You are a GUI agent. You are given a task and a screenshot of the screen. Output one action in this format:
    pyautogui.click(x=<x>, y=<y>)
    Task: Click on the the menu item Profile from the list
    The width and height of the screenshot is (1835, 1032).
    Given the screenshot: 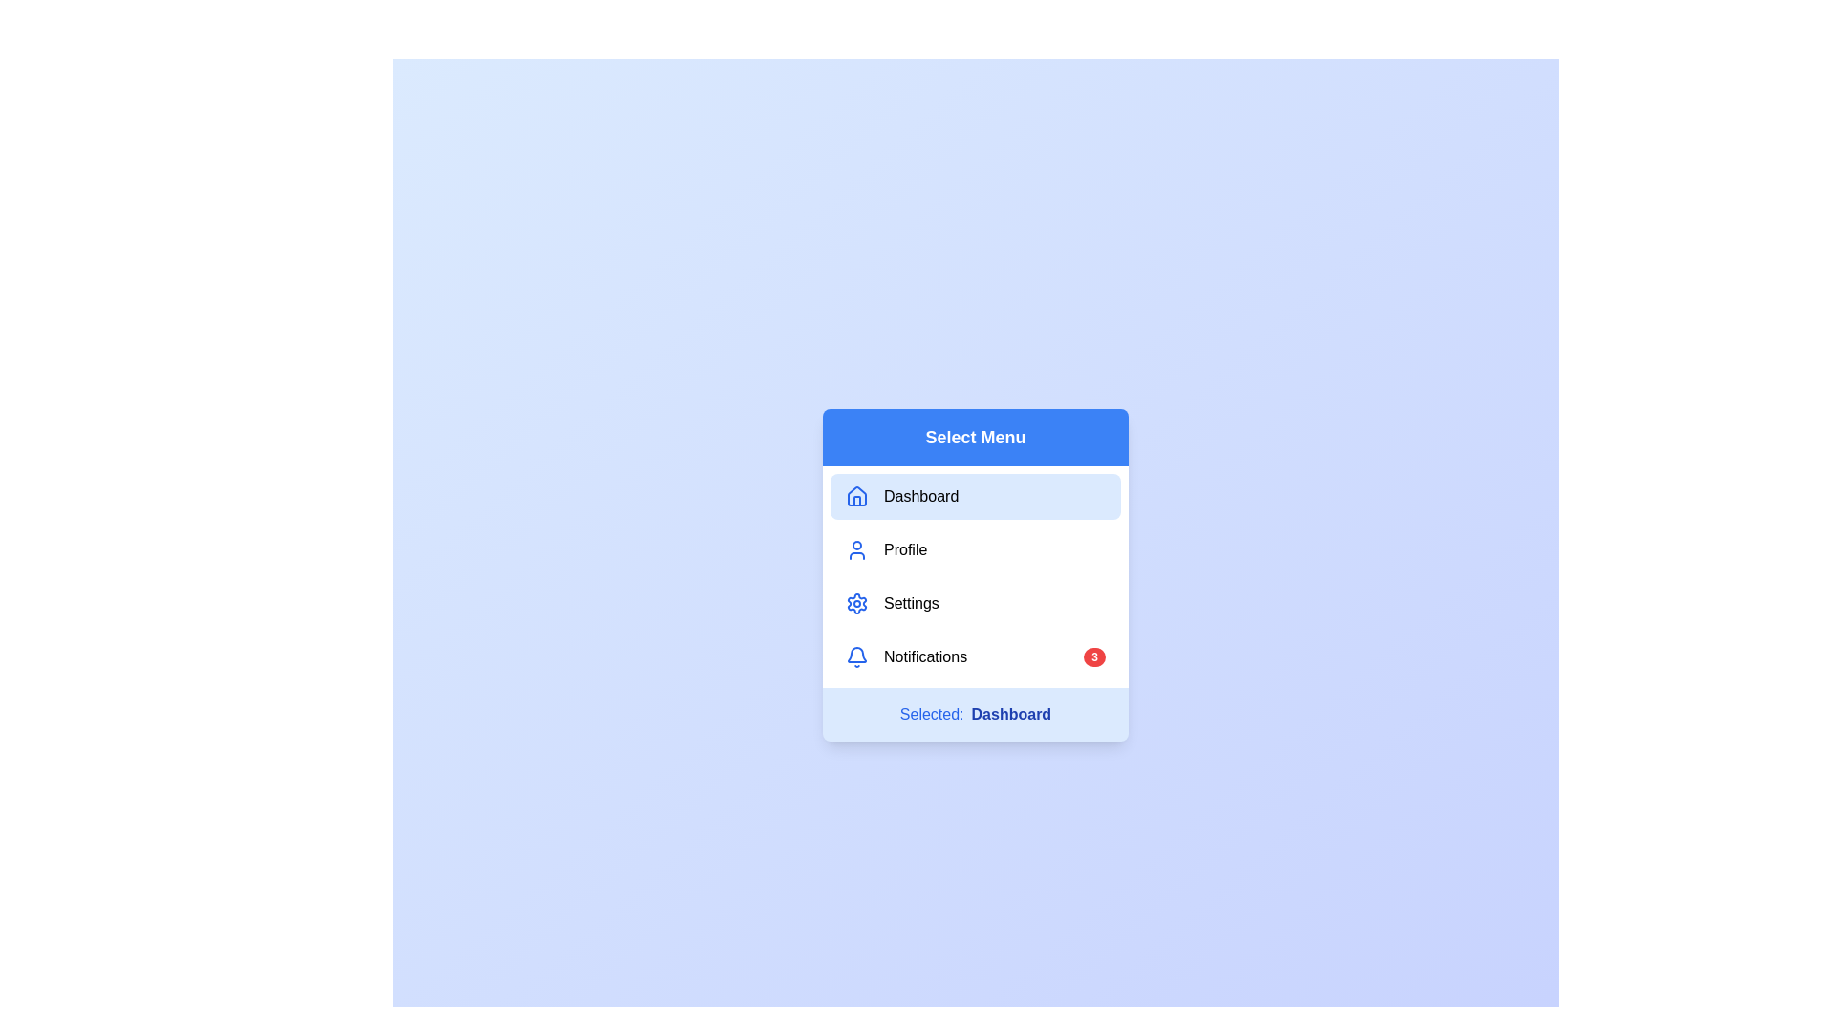 What is the action you would take?
    pyautogui.click(x=976, y=549)
    